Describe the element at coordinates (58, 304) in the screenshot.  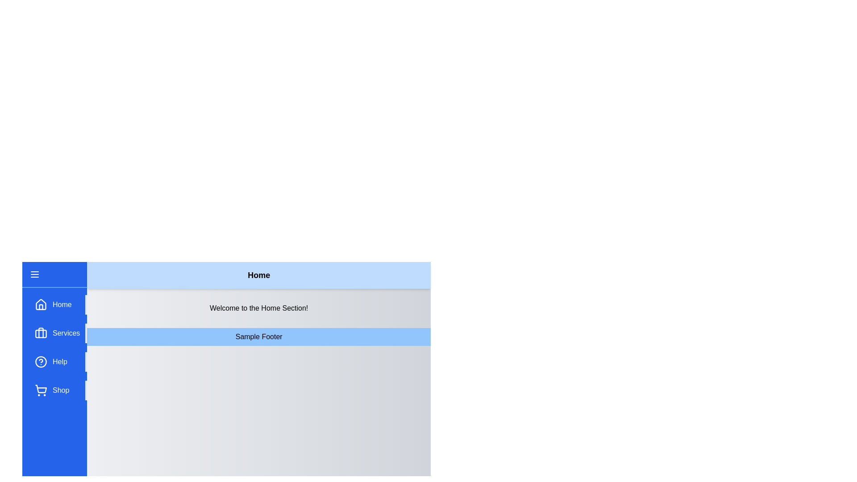
I see `the blue navigation button labeled 'Home' with a white house icon on the left` at that location.